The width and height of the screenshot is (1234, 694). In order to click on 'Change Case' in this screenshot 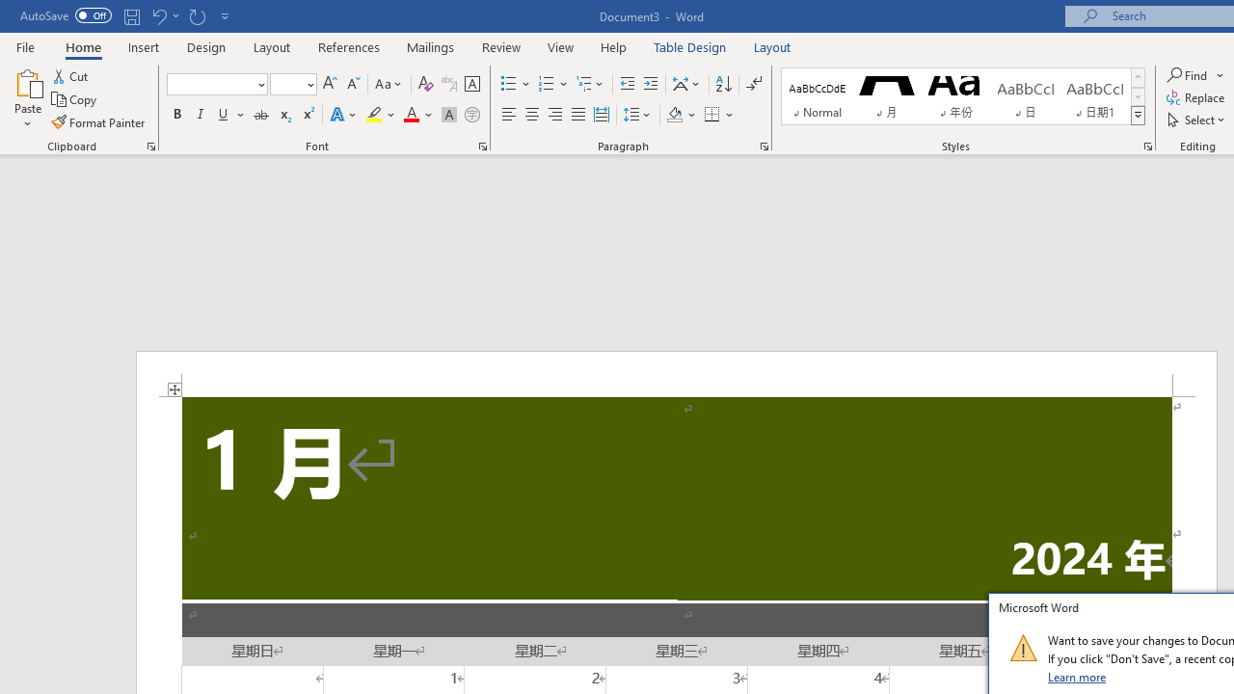, I will do `click(389, 83)`.